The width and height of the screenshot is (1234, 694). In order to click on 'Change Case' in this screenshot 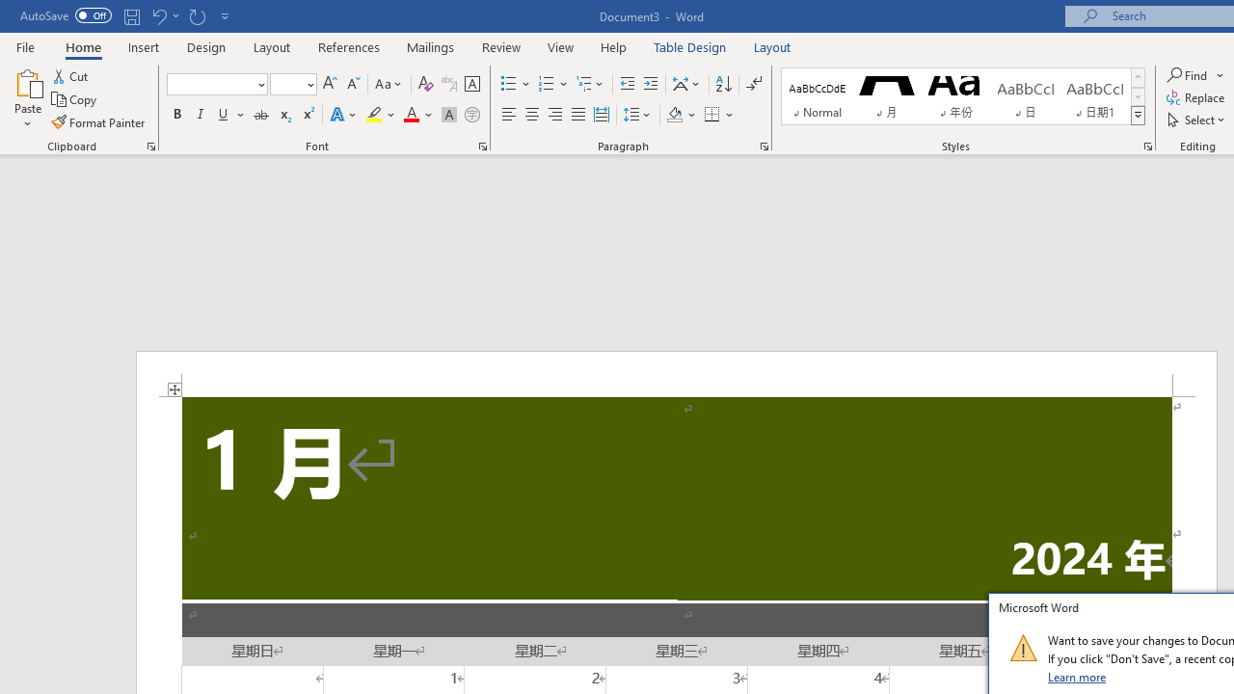, I will do `click(389, 83)`.